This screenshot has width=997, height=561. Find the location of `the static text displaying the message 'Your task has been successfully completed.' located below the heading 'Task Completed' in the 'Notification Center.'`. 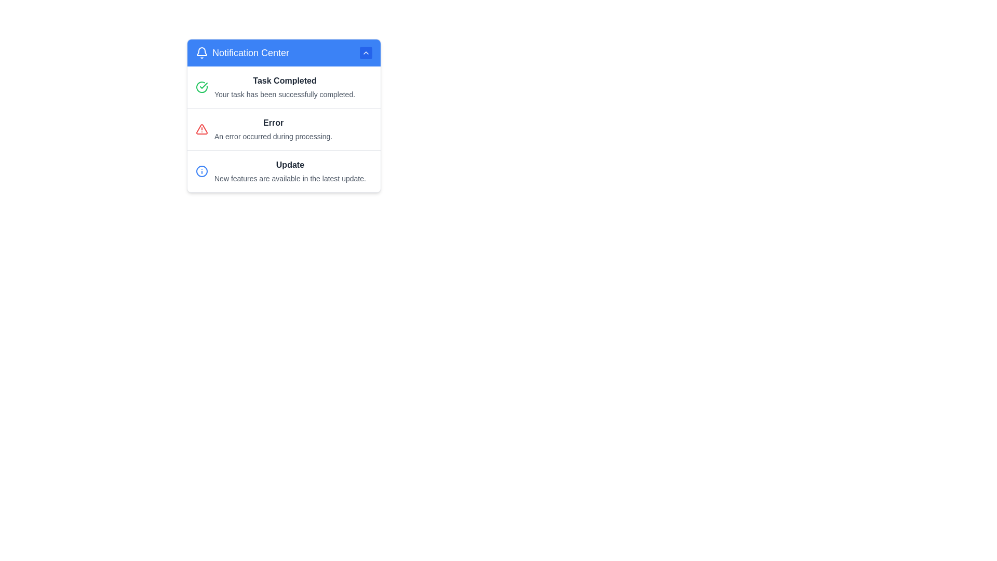

the static text displaying the message 'Your task has been successfully completed.' located below the heading 'Task Completed' in the 'Notification Center.' is located at coordinates (285, 94).